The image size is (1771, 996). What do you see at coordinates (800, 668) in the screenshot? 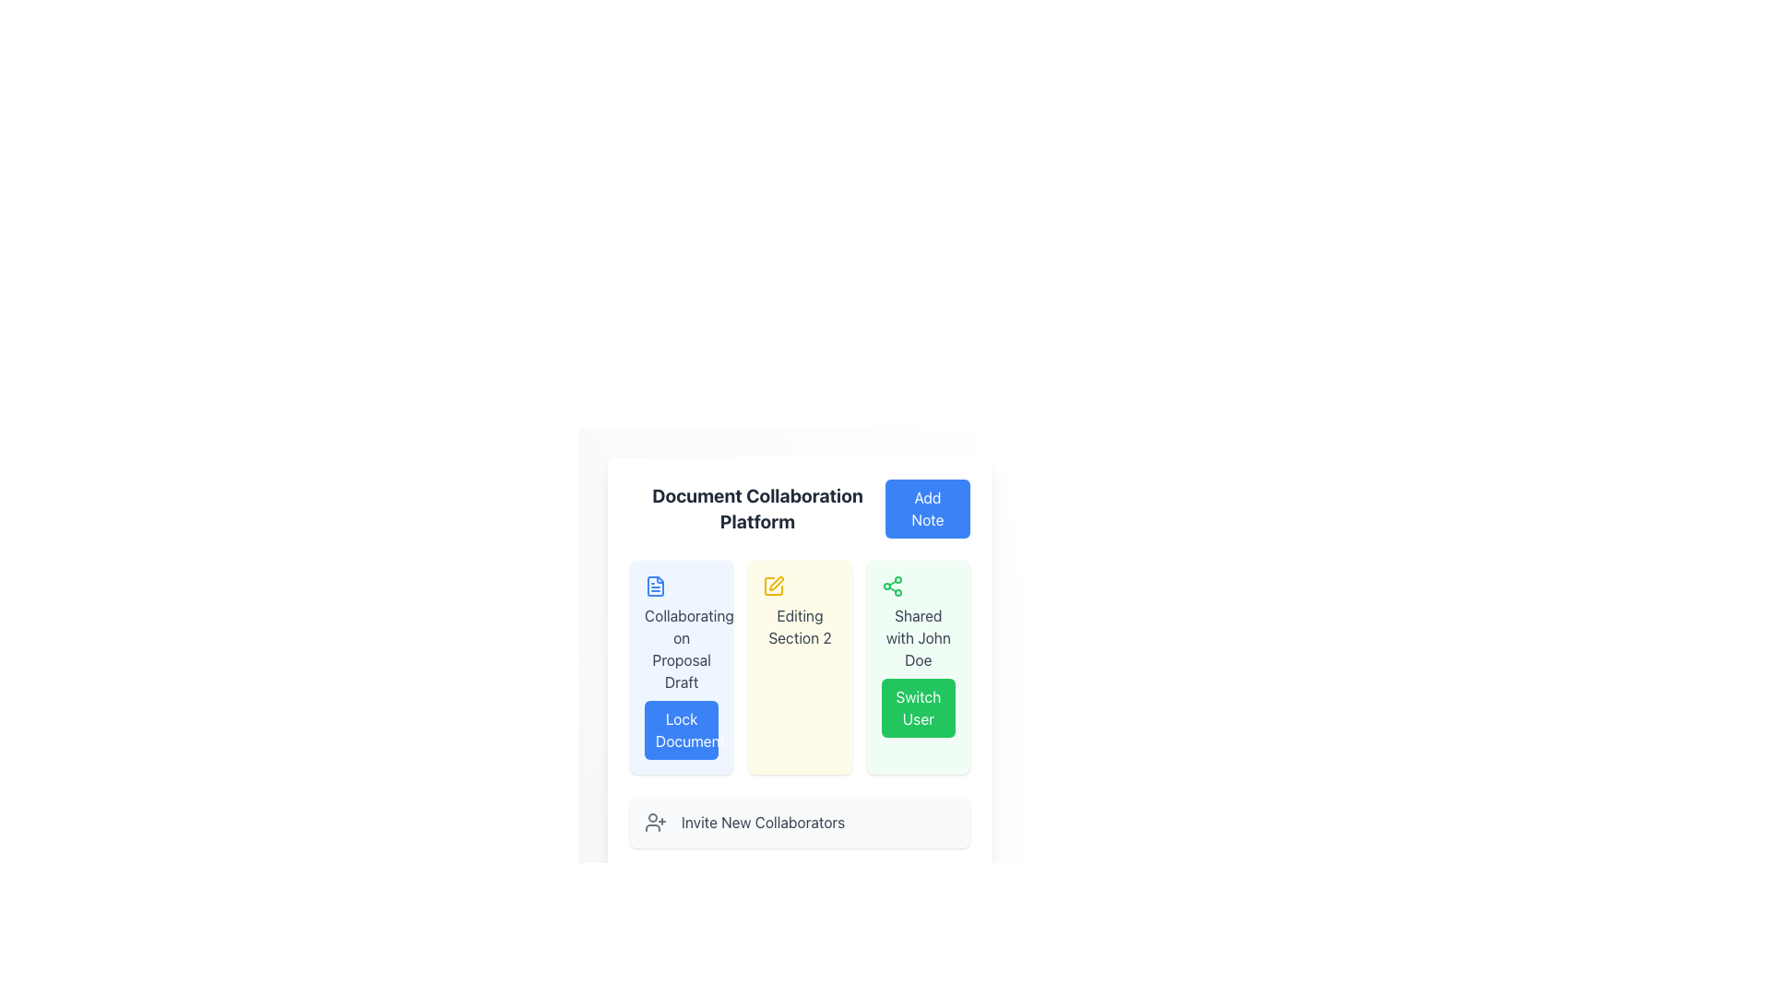
I see `the middle card representing 'Section 2' in the grid layout below the header 'Document Collaboration Platform'` at bounding box center [800, 668].